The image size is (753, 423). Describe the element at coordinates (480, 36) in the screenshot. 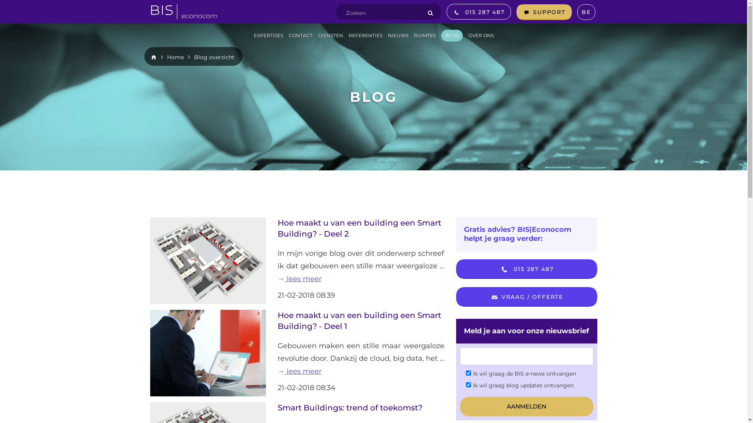

I see `'OVER ONS'` at that location.